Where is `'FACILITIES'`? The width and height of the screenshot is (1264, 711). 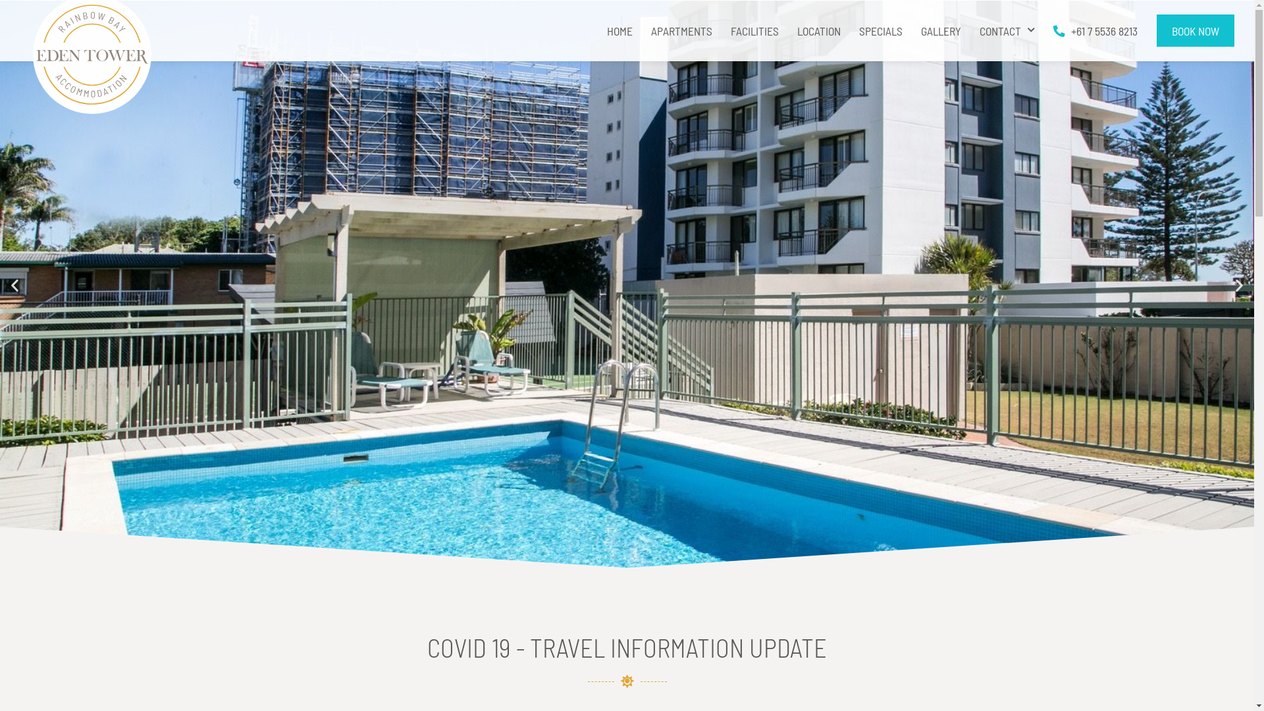
'FACILITIES' is located at coordinates (754, 30).